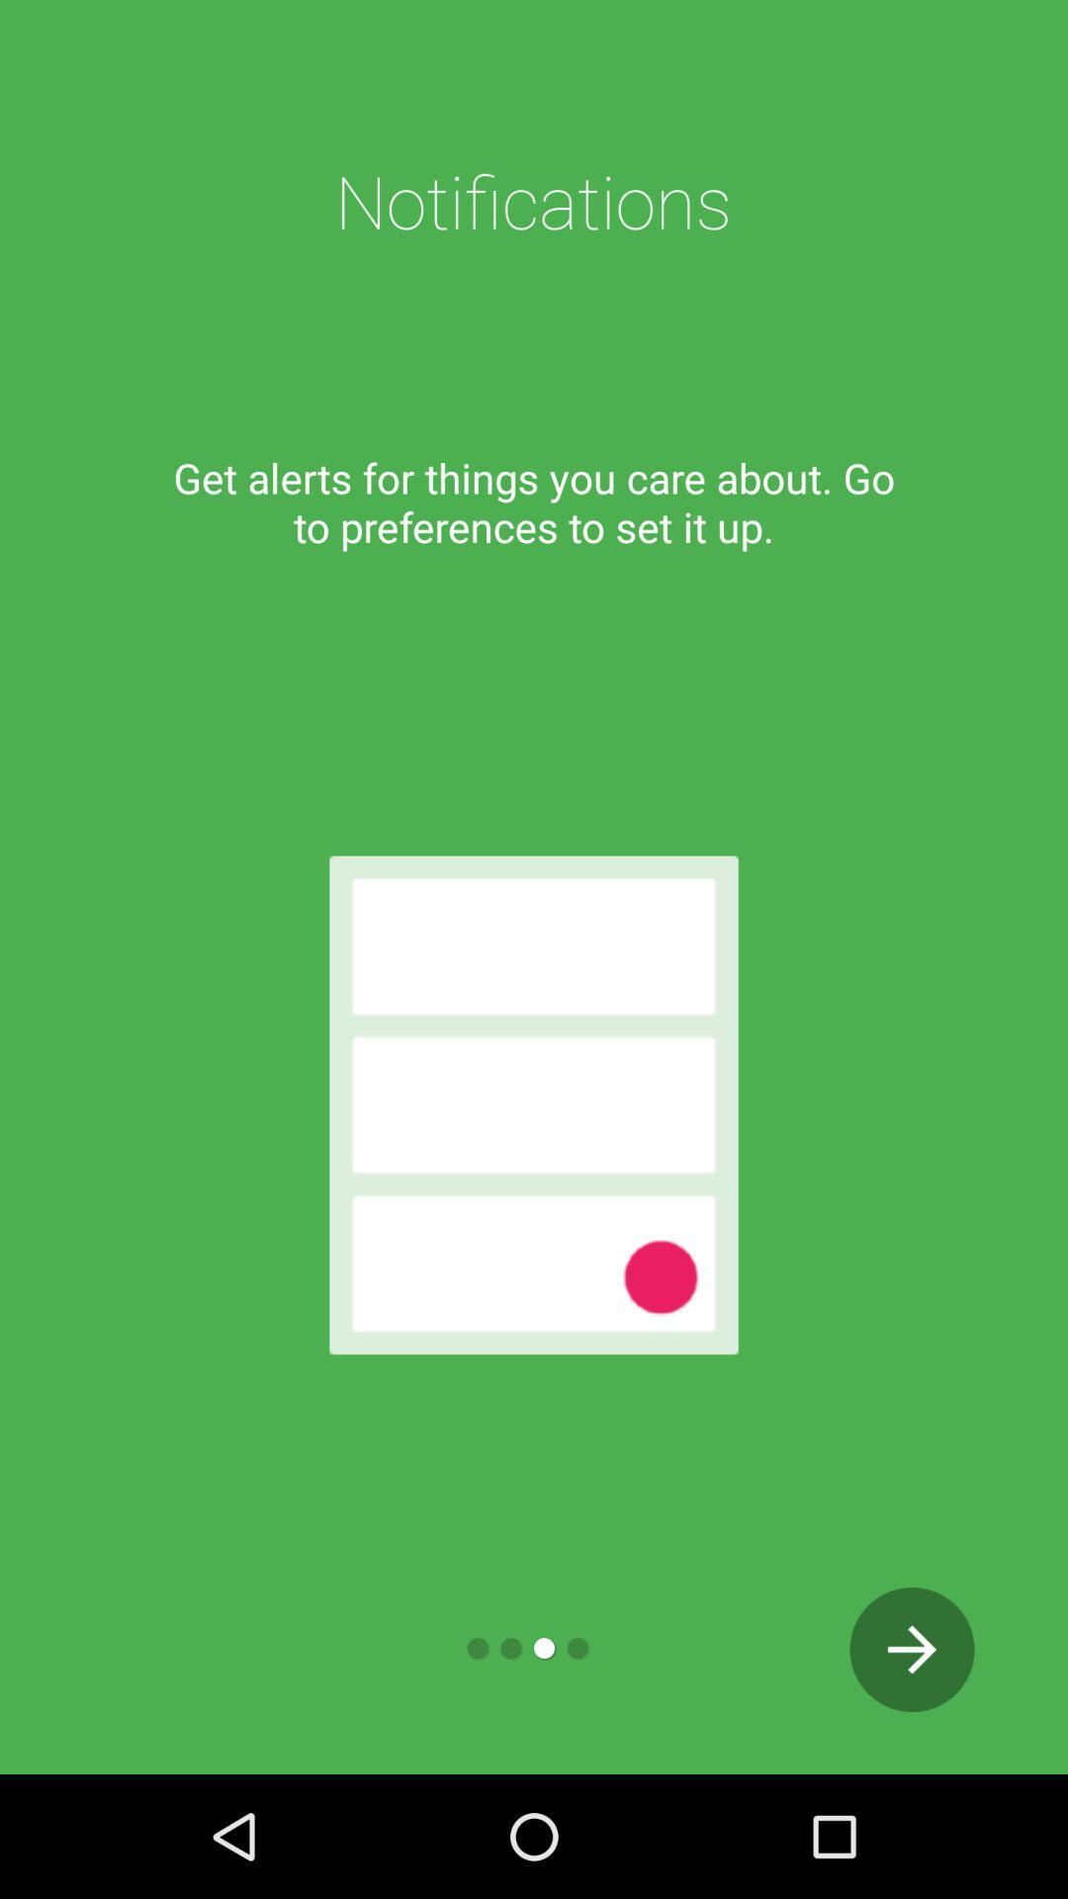 The width and height of the screenshot is (1068, 1899). I want to click on go forward button, so click(912, 1649).